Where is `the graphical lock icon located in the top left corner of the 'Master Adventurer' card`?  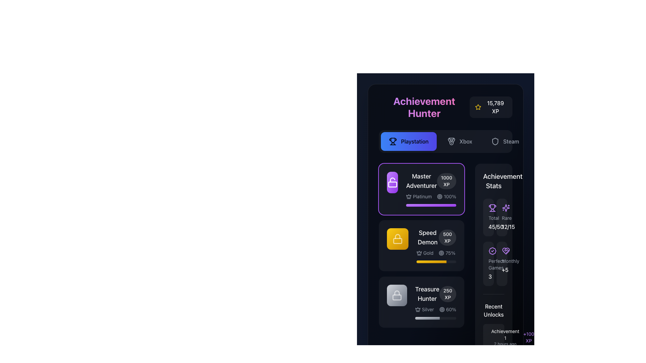 the graphical lock icon located in the top left corner of the 'Master Adventurer' card is located at coordinates (397, 236).